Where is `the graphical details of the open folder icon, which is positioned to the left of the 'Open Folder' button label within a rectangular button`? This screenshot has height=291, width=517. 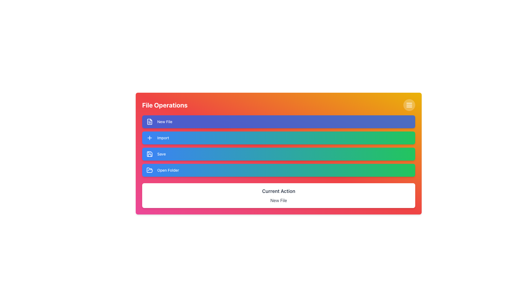 the graphical details of the open folder icon, which is positioned to the left of the 'Open Folder' button label within a rectangular button is located at coordinates (150, 170).